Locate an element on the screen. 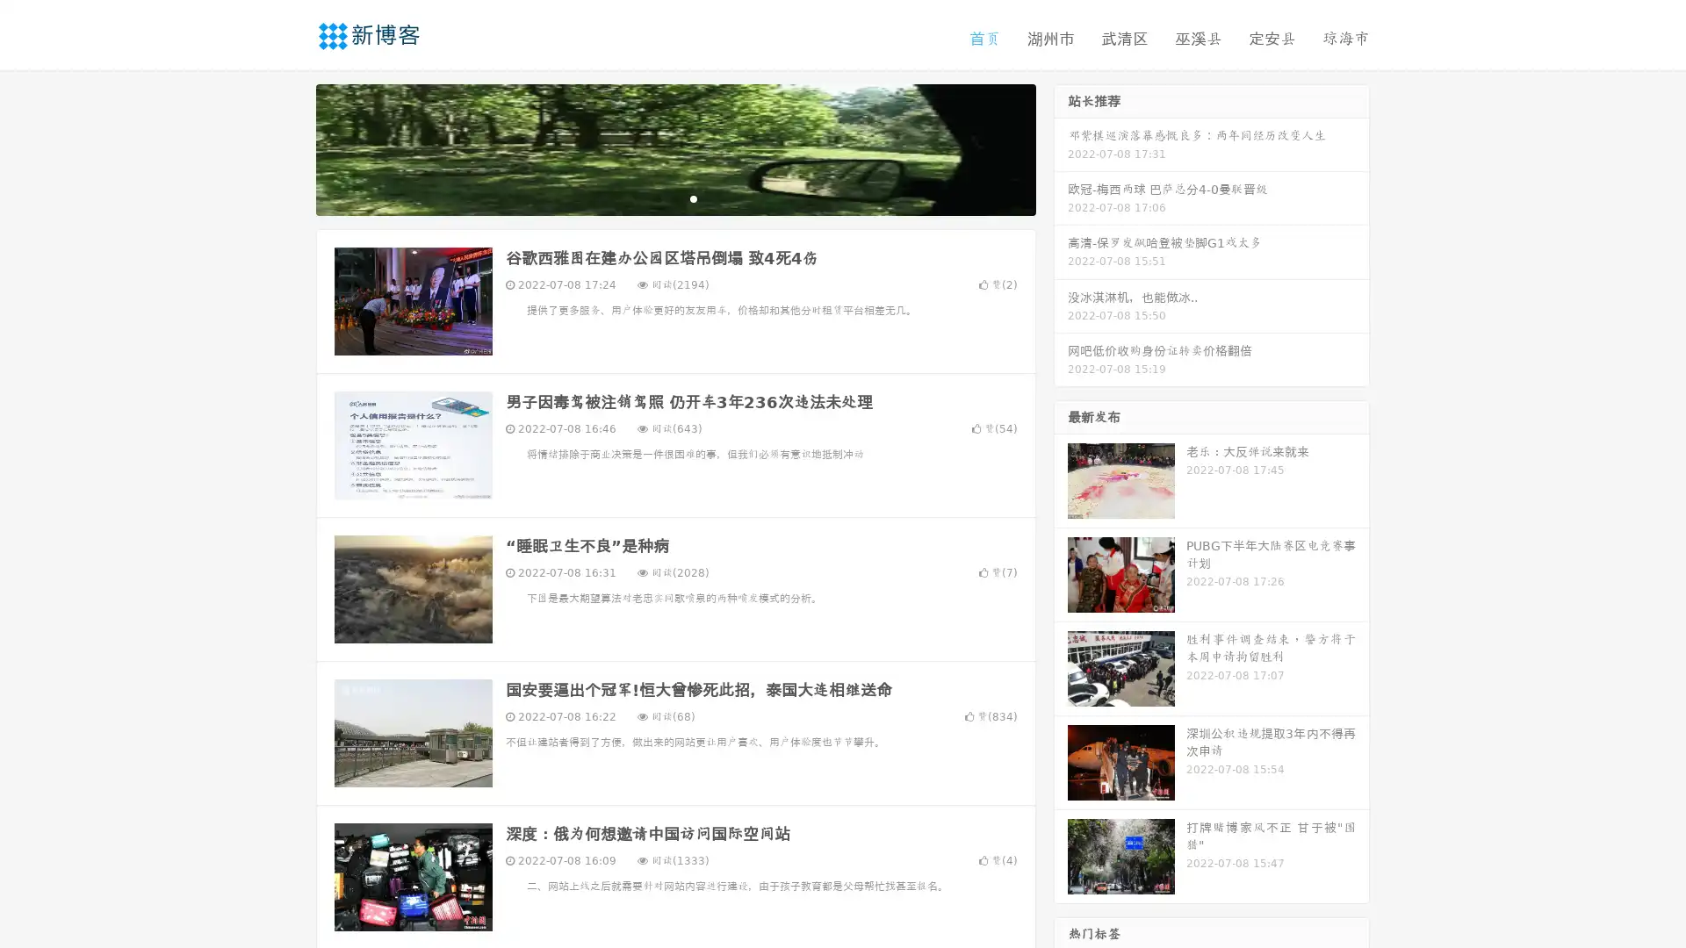 Image resolution: width=1686 pixels, height=948 pixels. Previous slide is located at coordinates (290, 147).